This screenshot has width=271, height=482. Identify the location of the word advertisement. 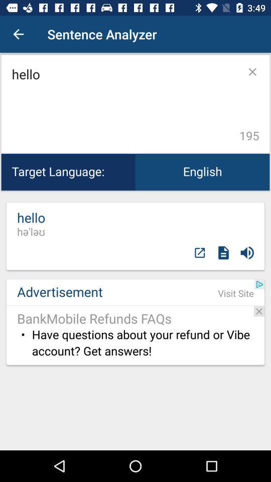
(135, 321).